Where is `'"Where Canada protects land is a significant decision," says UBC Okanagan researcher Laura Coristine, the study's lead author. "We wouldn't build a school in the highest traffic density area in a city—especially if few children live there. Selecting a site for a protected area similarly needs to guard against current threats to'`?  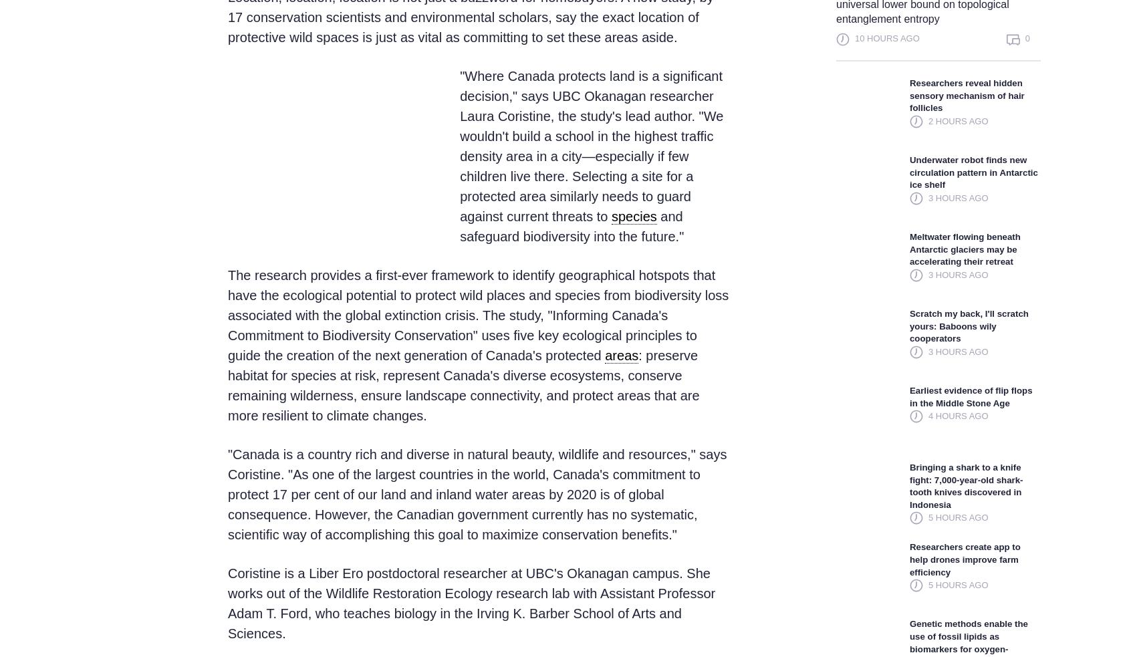
'"Where Canada protects land is a significant decision," says UBC Okanagan researcher Laura Coristine, the study's lead author. "We wouldn't build a school in the highest traffic density area in a city—especially if few children live there. Selecting a site for a protected area similarly needs to guard against current threats to' is located at coordinates (590, 146).